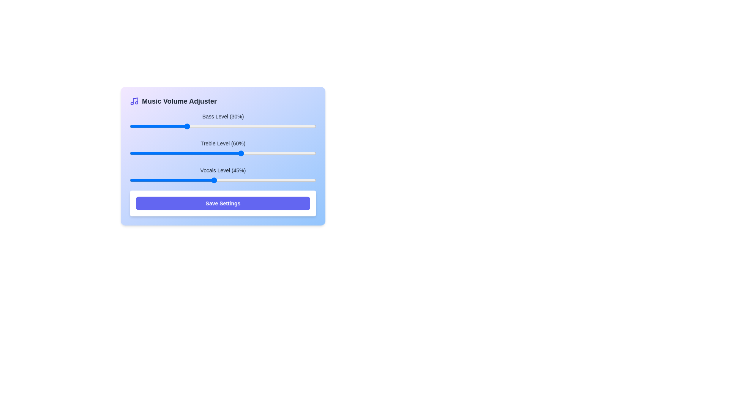  Describe the element at coordinates (260, 180) in the screenshot. I see `the Vocals Level slider` at that location.